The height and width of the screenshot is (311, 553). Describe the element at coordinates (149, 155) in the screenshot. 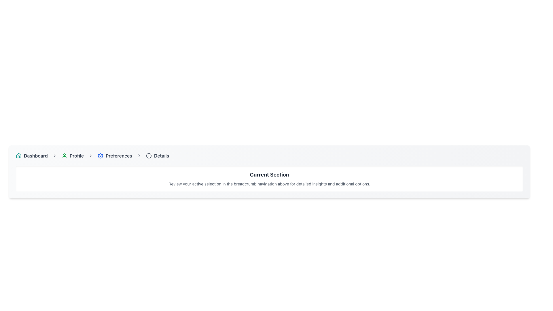

I see `the 'Details' navigation icon located in the breadcrumb navigation bar, positioned to the left of the text label` at that location.